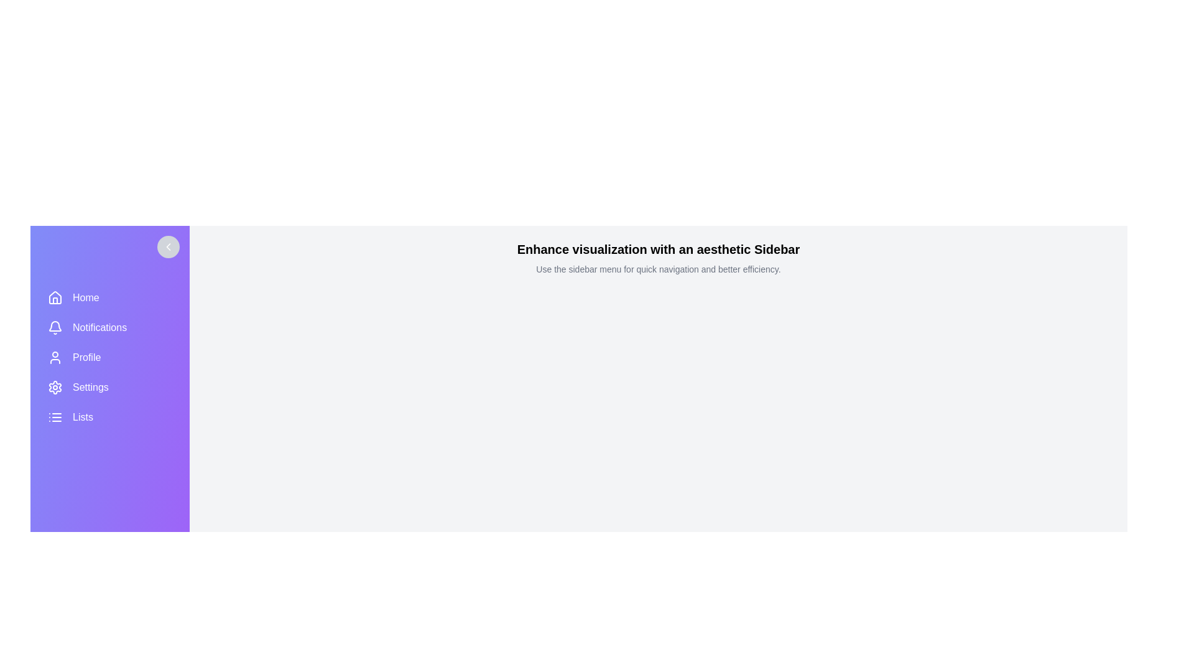 The image size is (1194, 672). What do you see at coordinates (110, 387) in the screenshot?
I see `the menu item Settings in the sidebar to navigate` at bounding box center [110, 387].